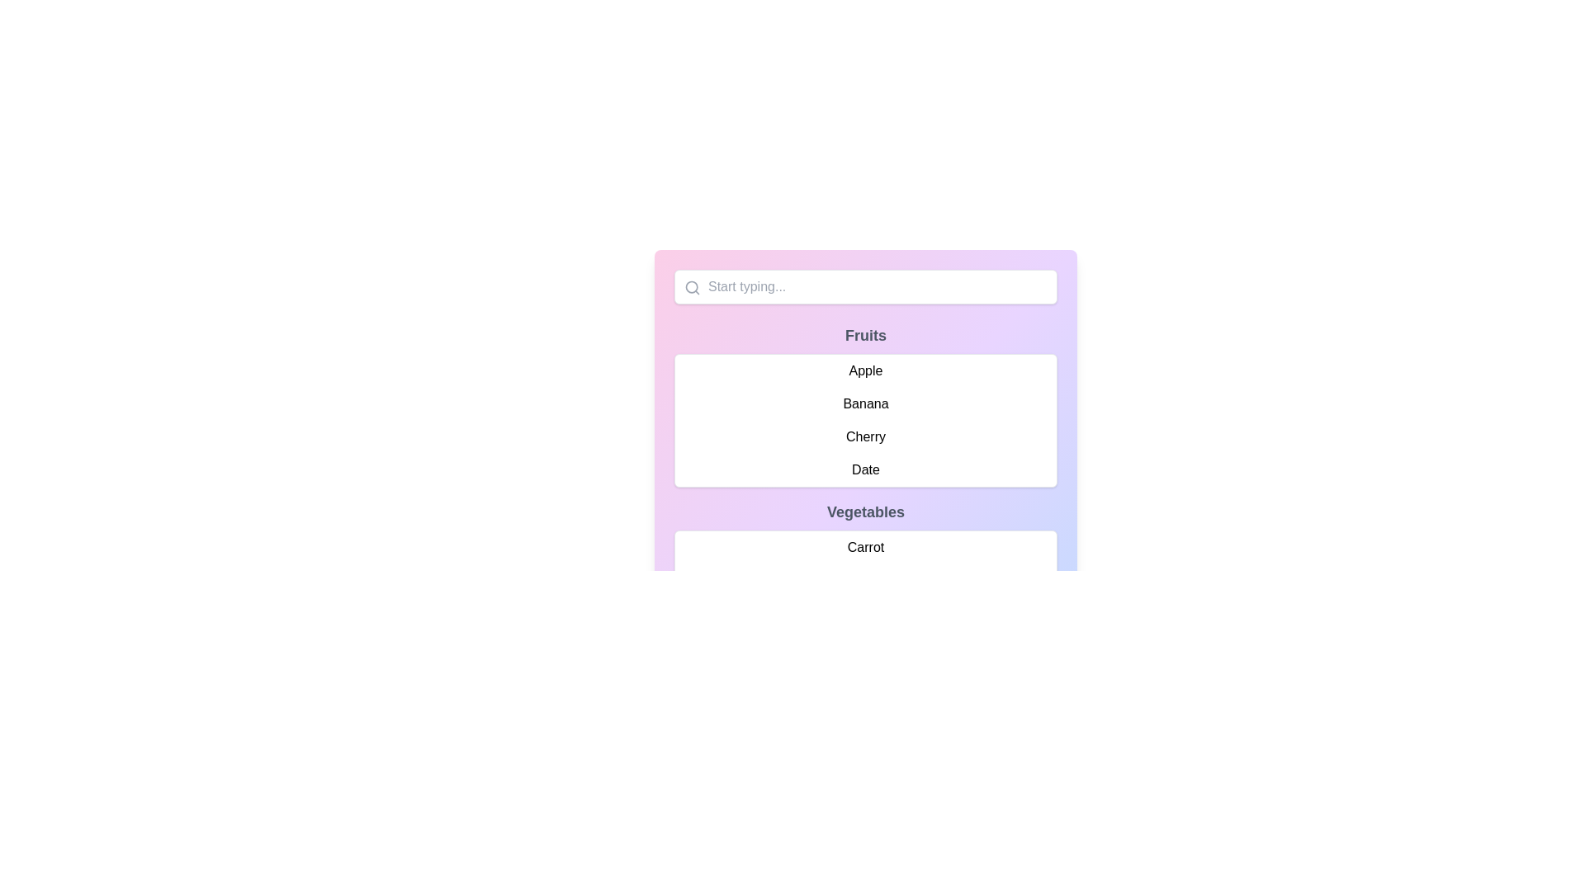 This screenshot has width=1585, height=891. I want to click on the Text Label that serves as a header for the categorized section located beneath the search bar, so click(865, 335).